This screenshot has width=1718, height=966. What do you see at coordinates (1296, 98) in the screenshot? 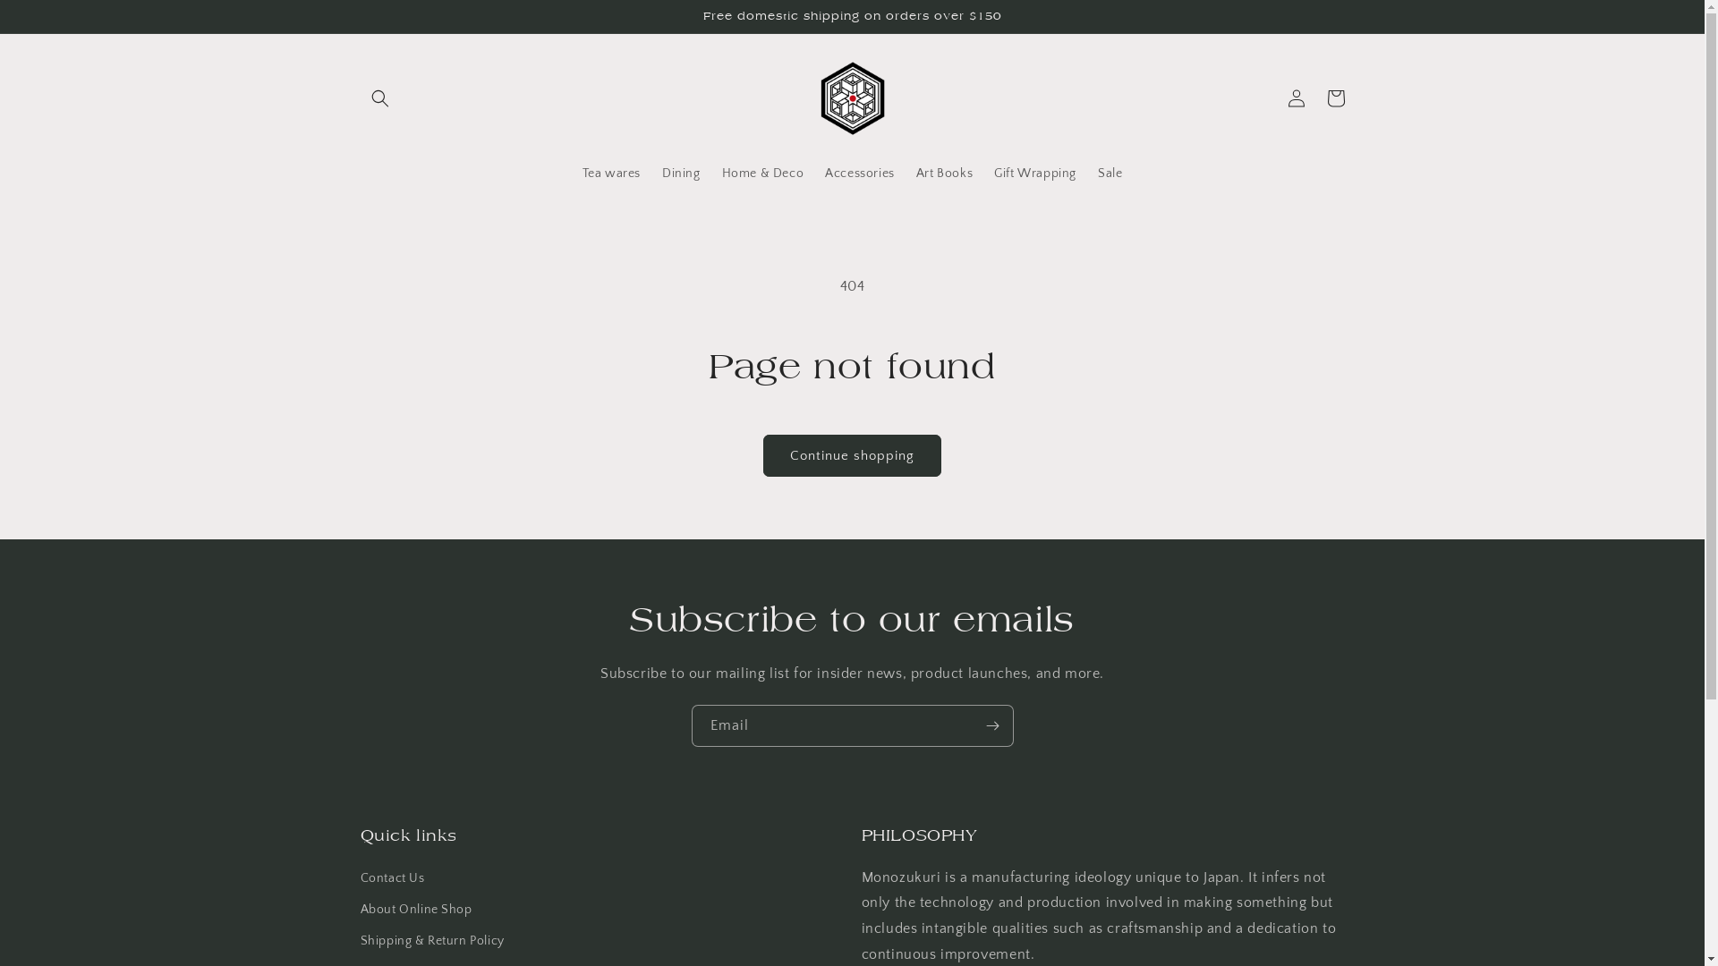
I see `'Log in'` at bounding box center [1296, 98].